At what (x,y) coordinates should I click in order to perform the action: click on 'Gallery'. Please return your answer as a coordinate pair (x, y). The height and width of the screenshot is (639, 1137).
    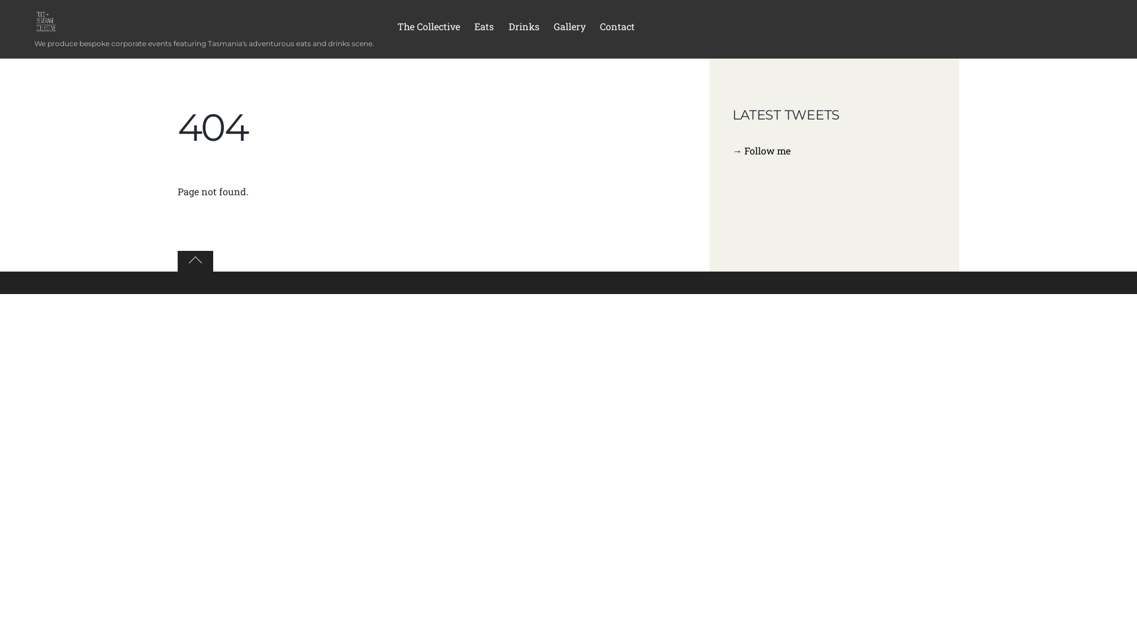
    Looking at the image, I should click on (569, 28).